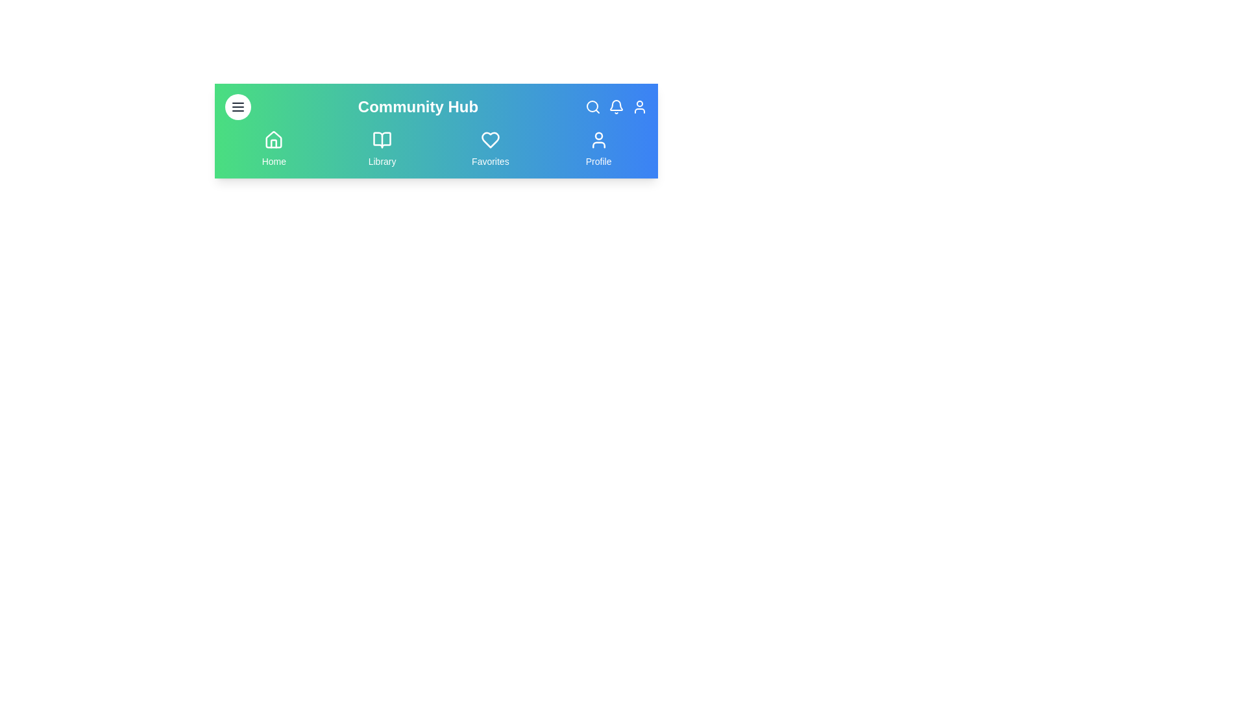 Image resolution: width=1246 pixels, height=701 pixels. What do you see at coordinates (273, 149) in the screenshot?
I see `the navigation menu item Home` at bounding box center [273, 149].